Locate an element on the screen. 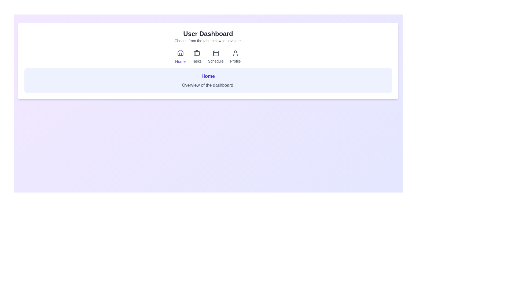  the 'Schedule' icon in the dashboard navigation is located at coordinates (216, 53).